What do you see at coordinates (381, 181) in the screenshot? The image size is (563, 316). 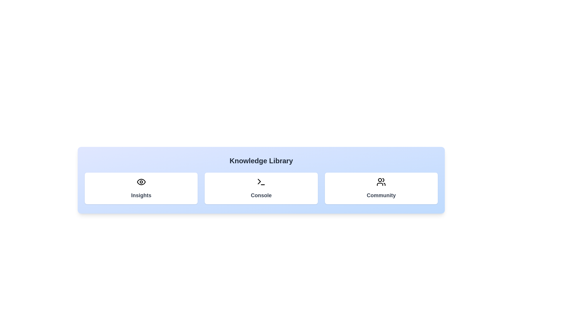 I see `the Community icon located in the top section of the Community card, which is the rightmost card in the row under the Knowledge Library title` at bounding box center [381, 181].